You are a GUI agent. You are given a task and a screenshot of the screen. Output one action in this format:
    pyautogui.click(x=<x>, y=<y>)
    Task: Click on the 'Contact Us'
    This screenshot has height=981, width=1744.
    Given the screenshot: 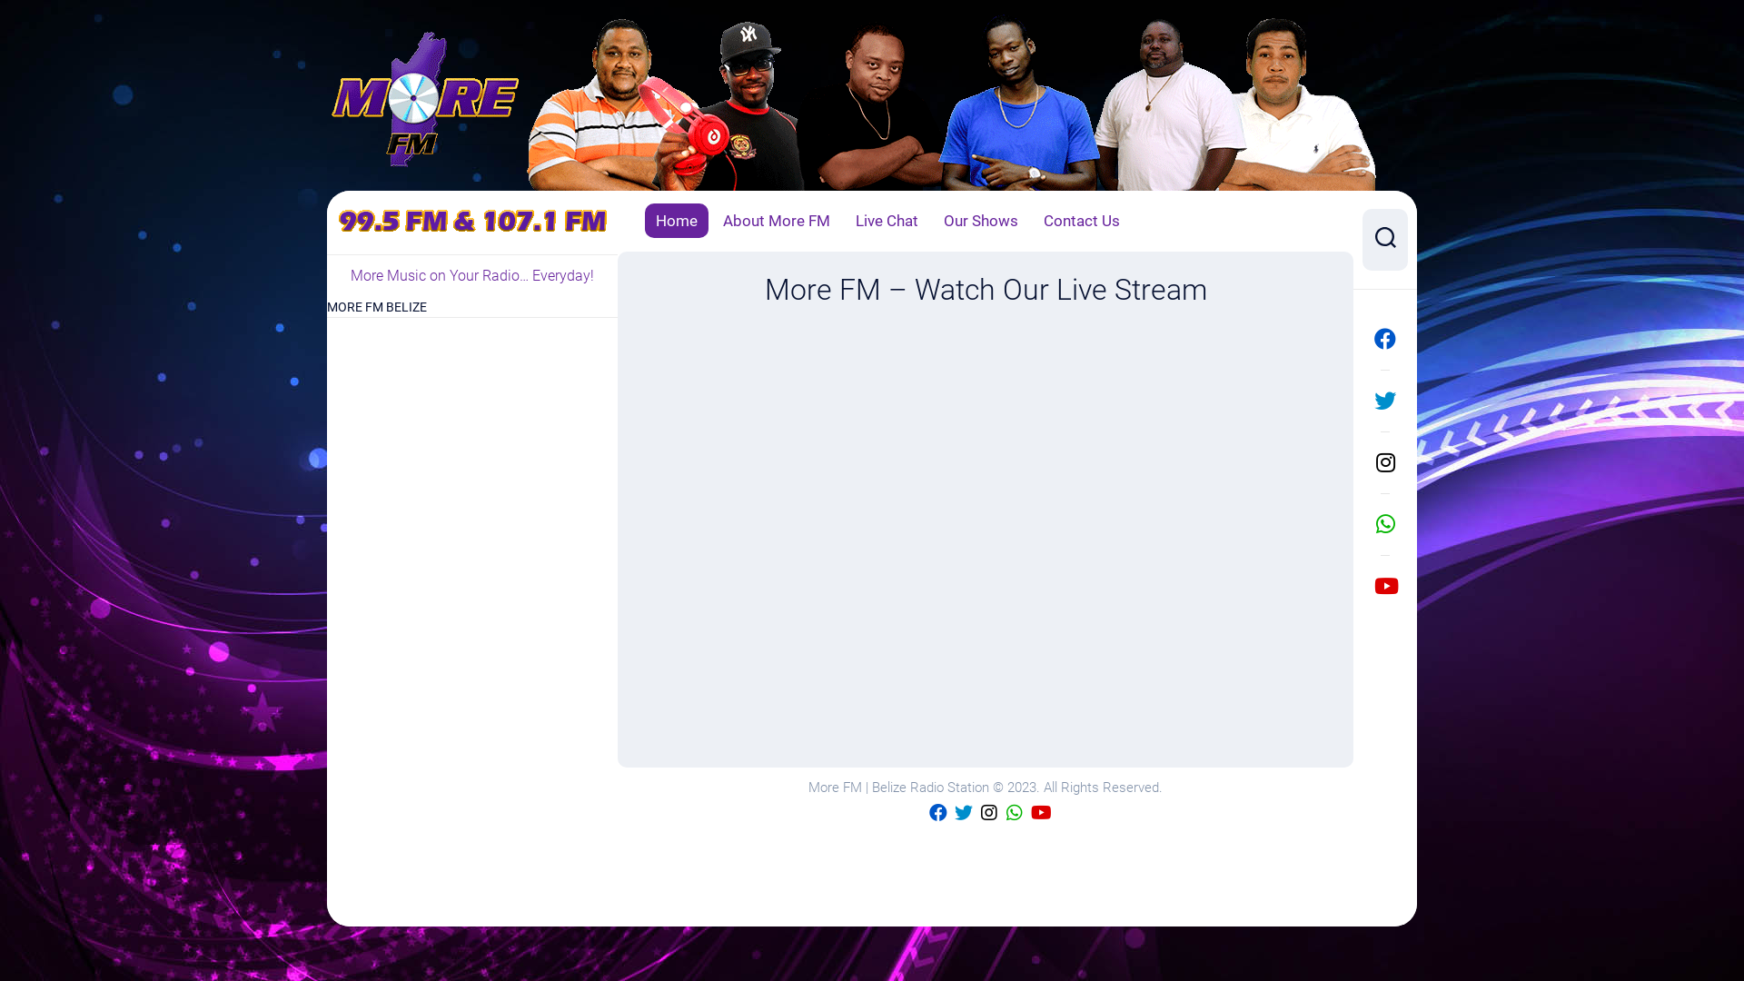 What is the action you would take?
    pyautogui.click(x=1043, y=220)
    